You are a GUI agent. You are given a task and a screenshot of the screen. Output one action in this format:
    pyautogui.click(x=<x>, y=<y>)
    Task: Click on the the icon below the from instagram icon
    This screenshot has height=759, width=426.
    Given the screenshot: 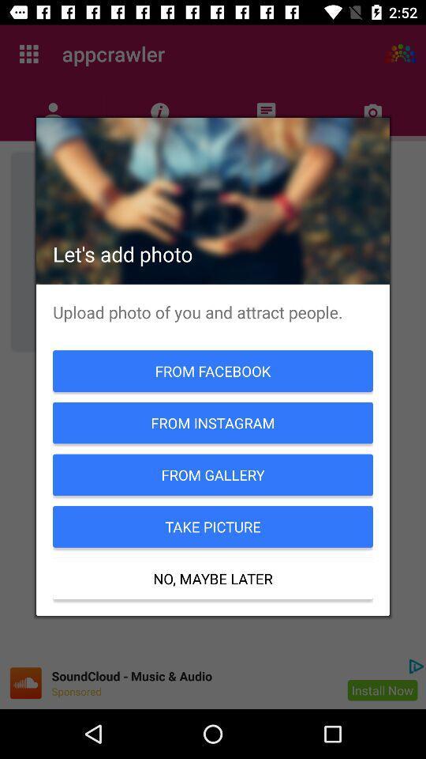 What is the action you would take?
    pyautogui.click(x=213, y=474)
    